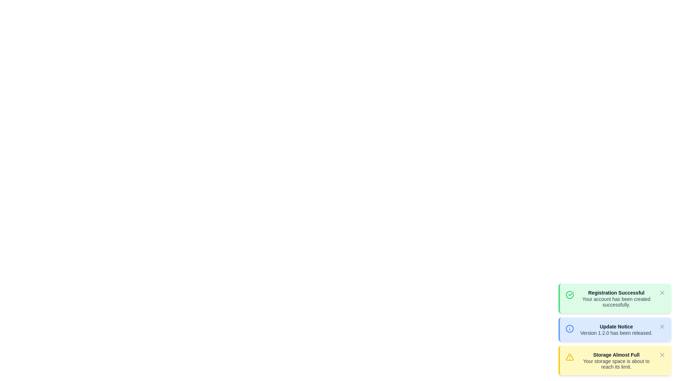 This screenshot has height=381, width=677. Describe the element at coordinates (661, 292) in the screenshot. I see `the dismiss icon button located in the top-right corner of the 'Registration Successful' green notification box to change its color` at that location.